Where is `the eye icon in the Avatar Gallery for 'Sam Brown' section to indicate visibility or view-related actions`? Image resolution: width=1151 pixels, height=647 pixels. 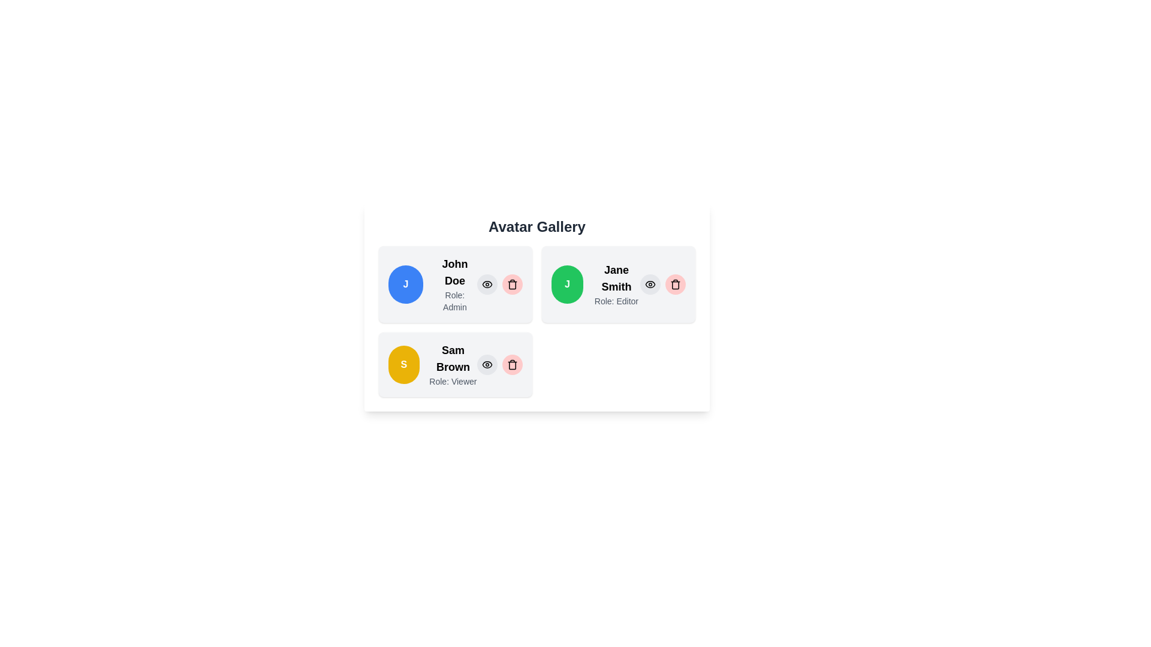
the eye icon in the Avatar Gallery for 'Sam Brown' section to indicate visibility or view-related actions is located at coordinates (487, 364).